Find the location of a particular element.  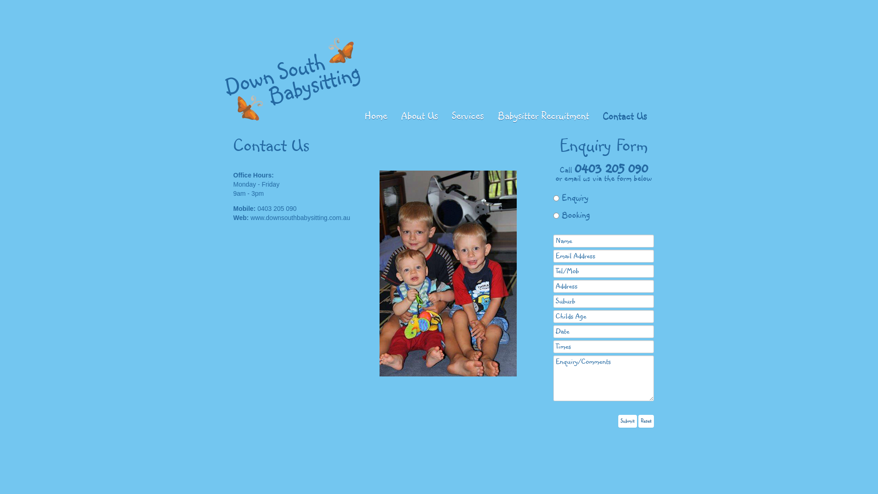

'Home' is located at coordinates (357, 116).